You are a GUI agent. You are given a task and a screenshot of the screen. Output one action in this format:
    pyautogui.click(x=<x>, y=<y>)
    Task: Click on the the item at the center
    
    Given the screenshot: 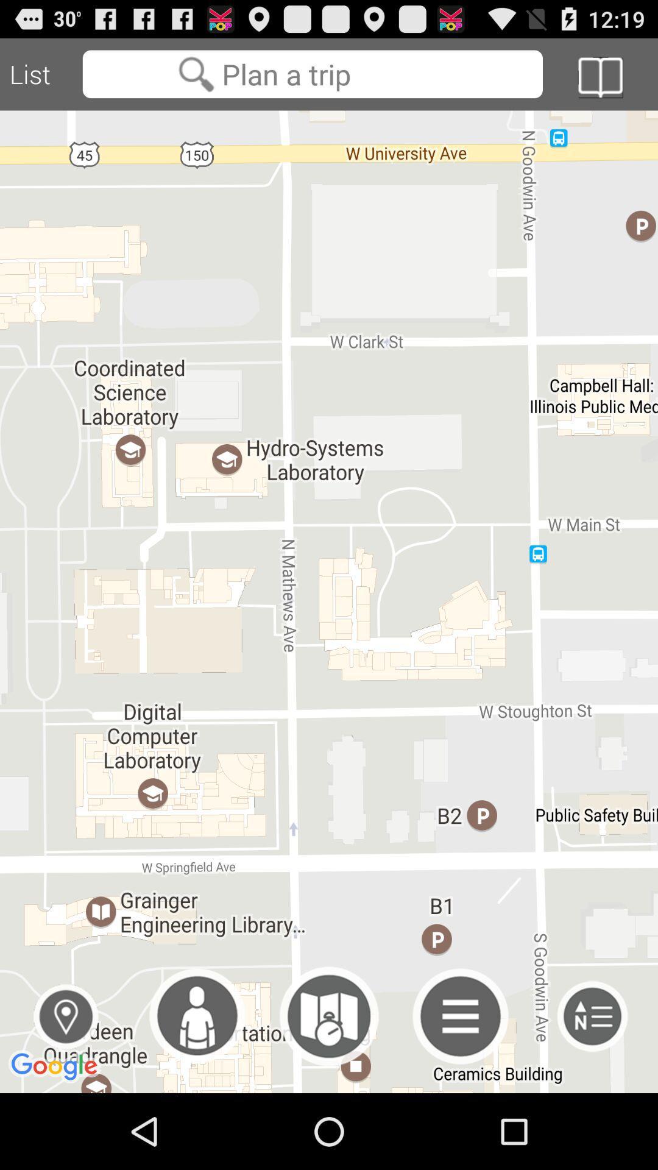 What is the action you would take?
    pyautogui.click(x=329, y=601)
    